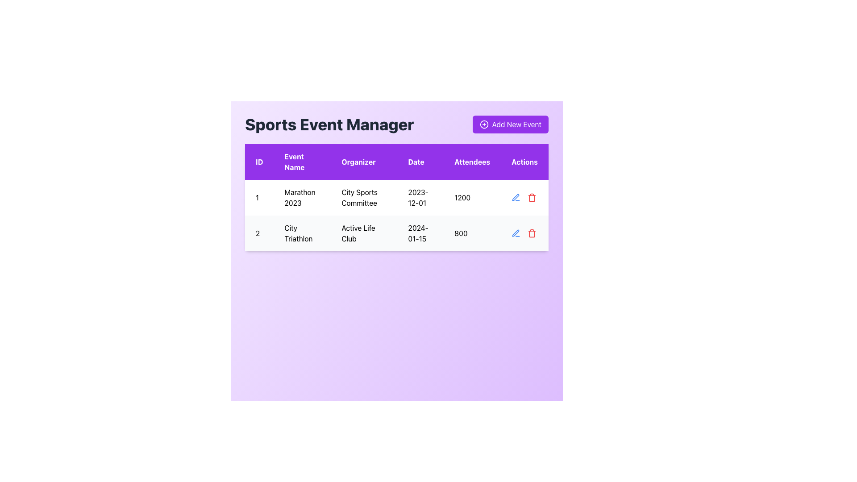 This screenshot has width=857, height=482. I want to click on the static text label displaying 'Attendees' which is styled with white text on a purple background, located in the fifth column of the table's header row, so click(472, 162).